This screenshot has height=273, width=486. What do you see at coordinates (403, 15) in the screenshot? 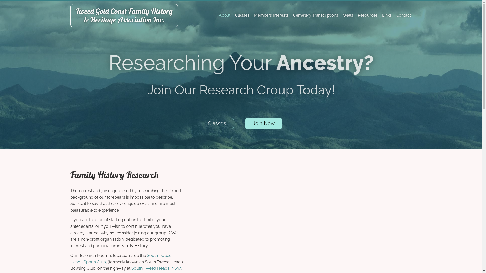
I see `'Contact'` at bounding box center [403, 15].